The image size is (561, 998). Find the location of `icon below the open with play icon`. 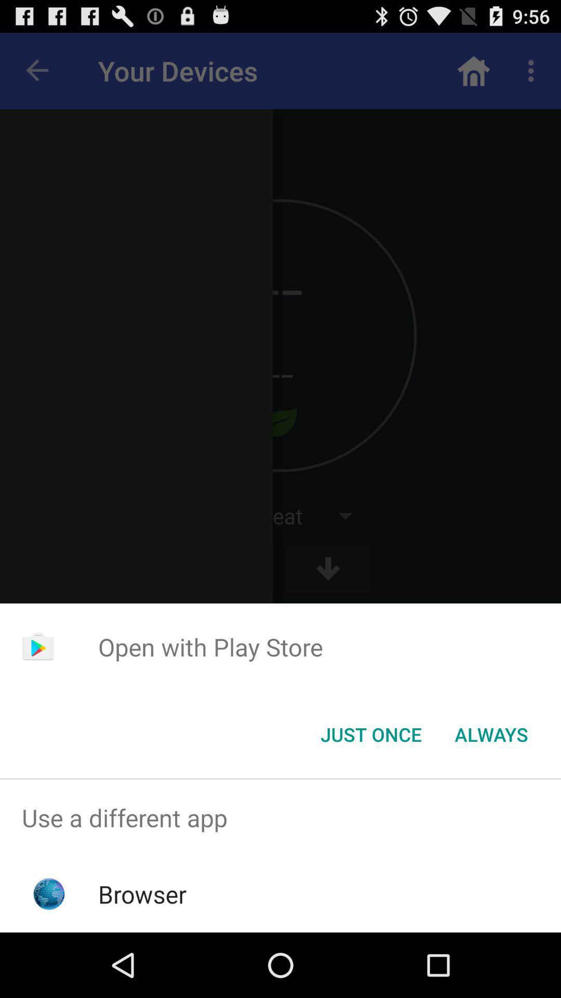

icon below the open with play icon is located at coordinates (370, 733).